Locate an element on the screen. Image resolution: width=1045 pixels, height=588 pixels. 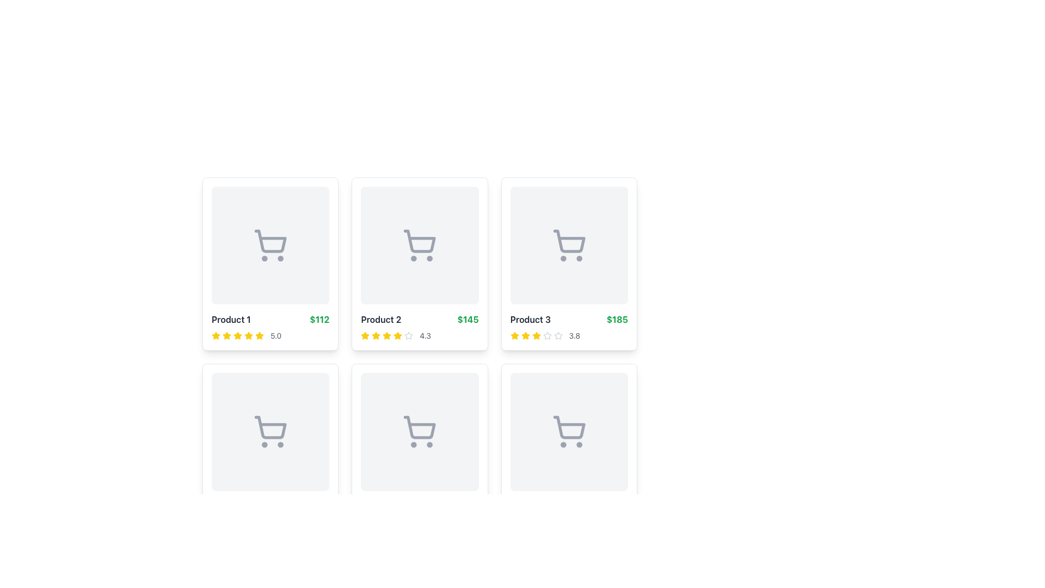
the sixth star icon in the 5-star rating system is located at coordinates (248, 335).